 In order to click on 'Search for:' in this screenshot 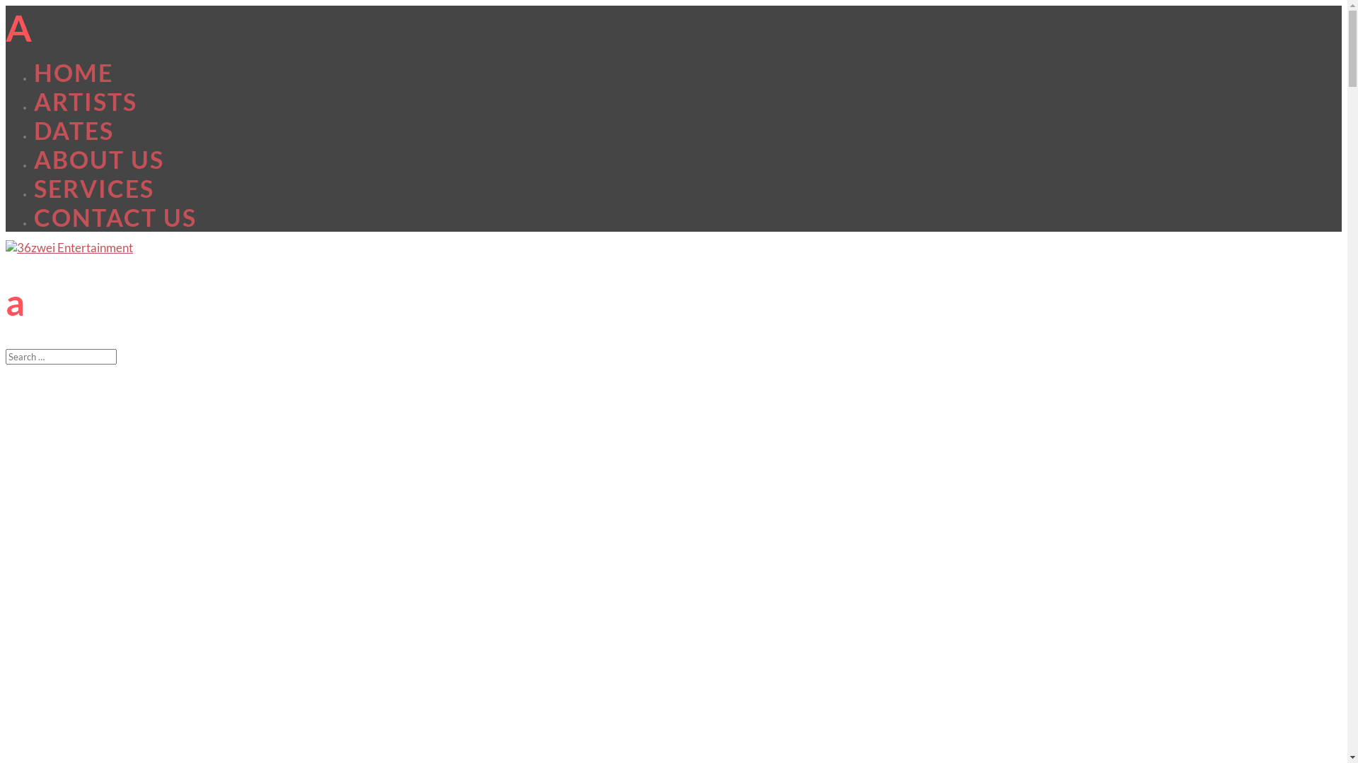, I will do `click(60, 356)`.